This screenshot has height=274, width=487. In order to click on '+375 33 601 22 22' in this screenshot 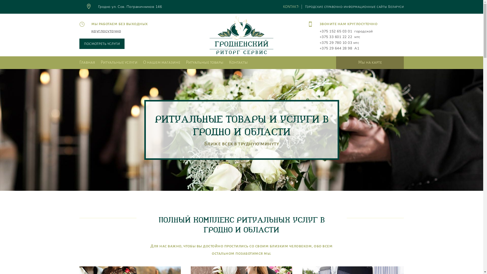, I will do `click(336, 37)`.